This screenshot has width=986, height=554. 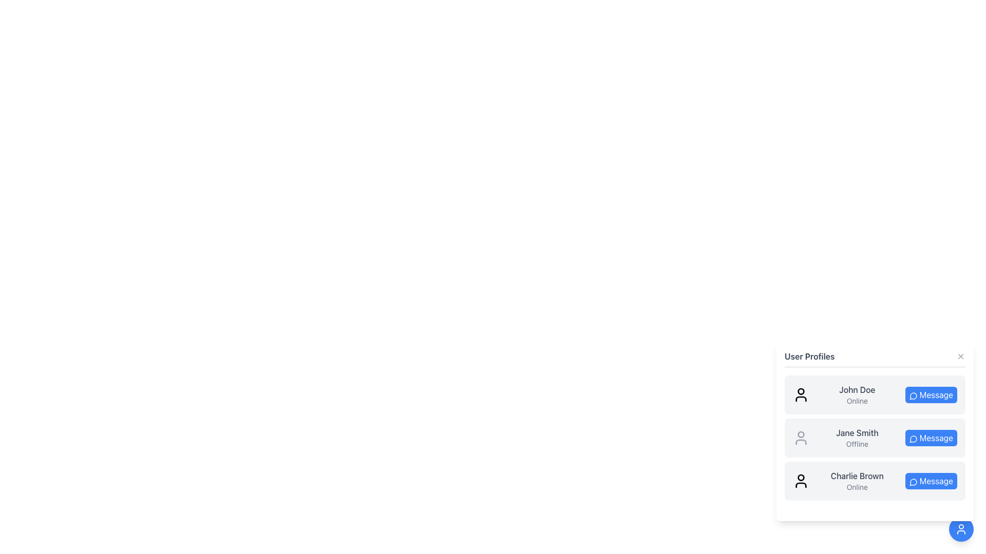 What do you see at coordinates (931, 438) in the screenshot?
I see `the message button in the second profile card aligned with 'Jane Smith'` at bounding box center [931, 438].